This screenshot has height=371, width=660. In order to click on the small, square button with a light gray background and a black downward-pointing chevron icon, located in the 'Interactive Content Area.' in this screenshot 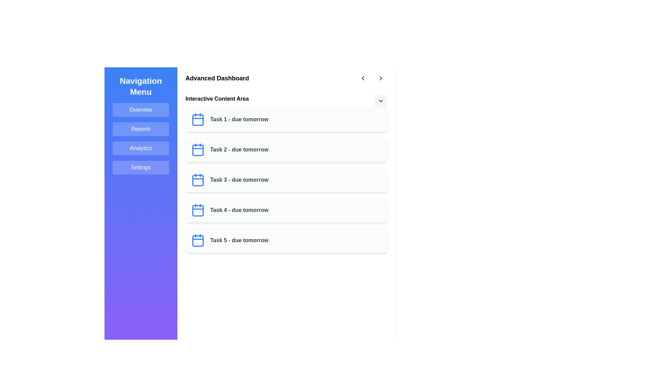, I will do `click(381, 101)`.